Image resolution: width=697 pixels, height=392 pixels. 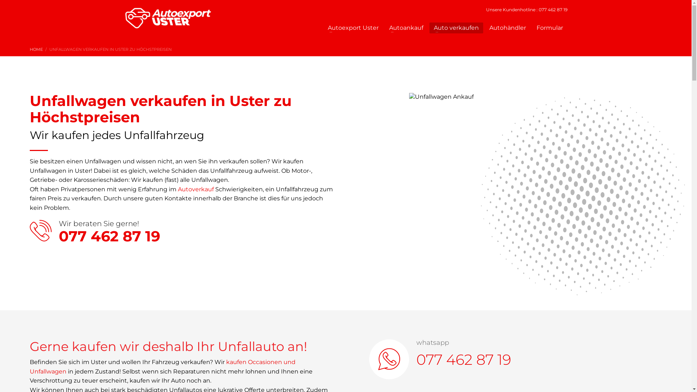 I want to click on 'Formular', so click(x=550, y=28).